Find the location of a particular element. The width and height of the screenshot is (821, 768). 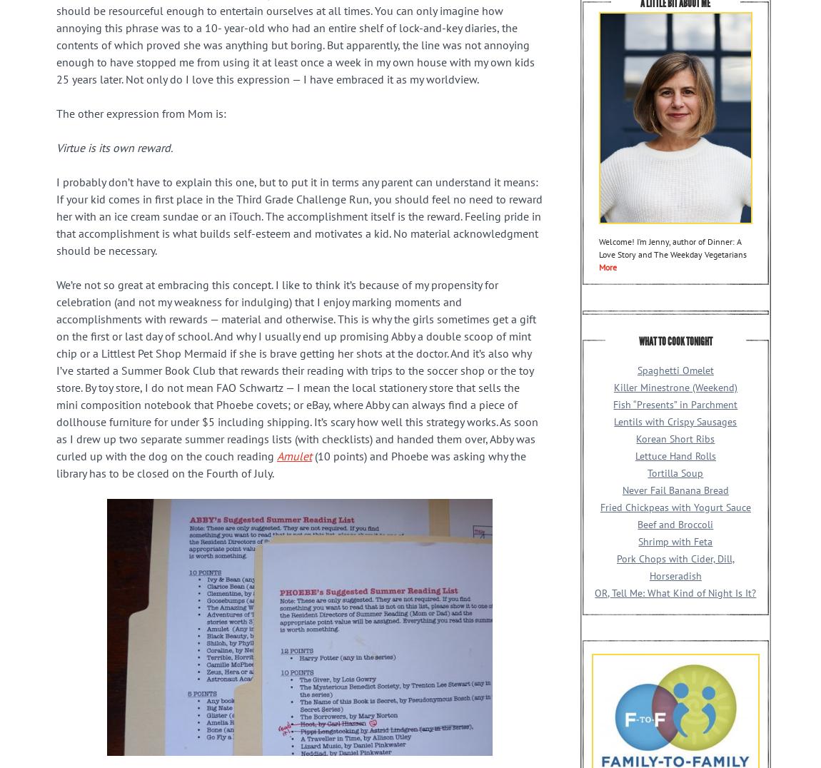

'Welcome! I’m Jenny, author of Dinner: A Love Story and The Weekday Vegetarians' is located at coordinates (672, 247).